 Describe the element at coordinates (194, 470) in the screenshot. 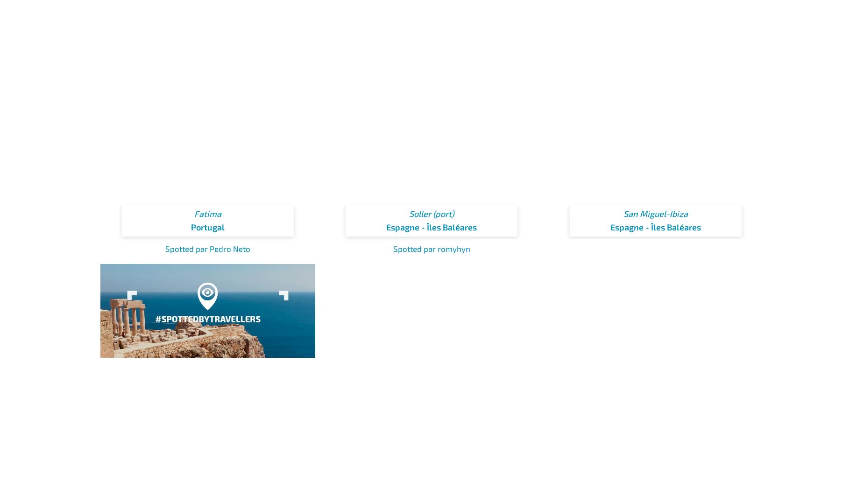

I see `'Lindos'` at that location.